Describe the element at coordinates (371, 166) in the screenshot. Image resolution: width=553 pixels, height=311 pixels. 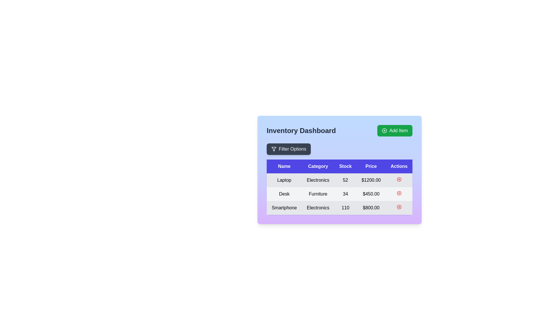
I see `the 'Price' Table Header Cell, which is the fourth column header in a data table, displaying the word 'Price' in bold white font on a blue background` at that location.